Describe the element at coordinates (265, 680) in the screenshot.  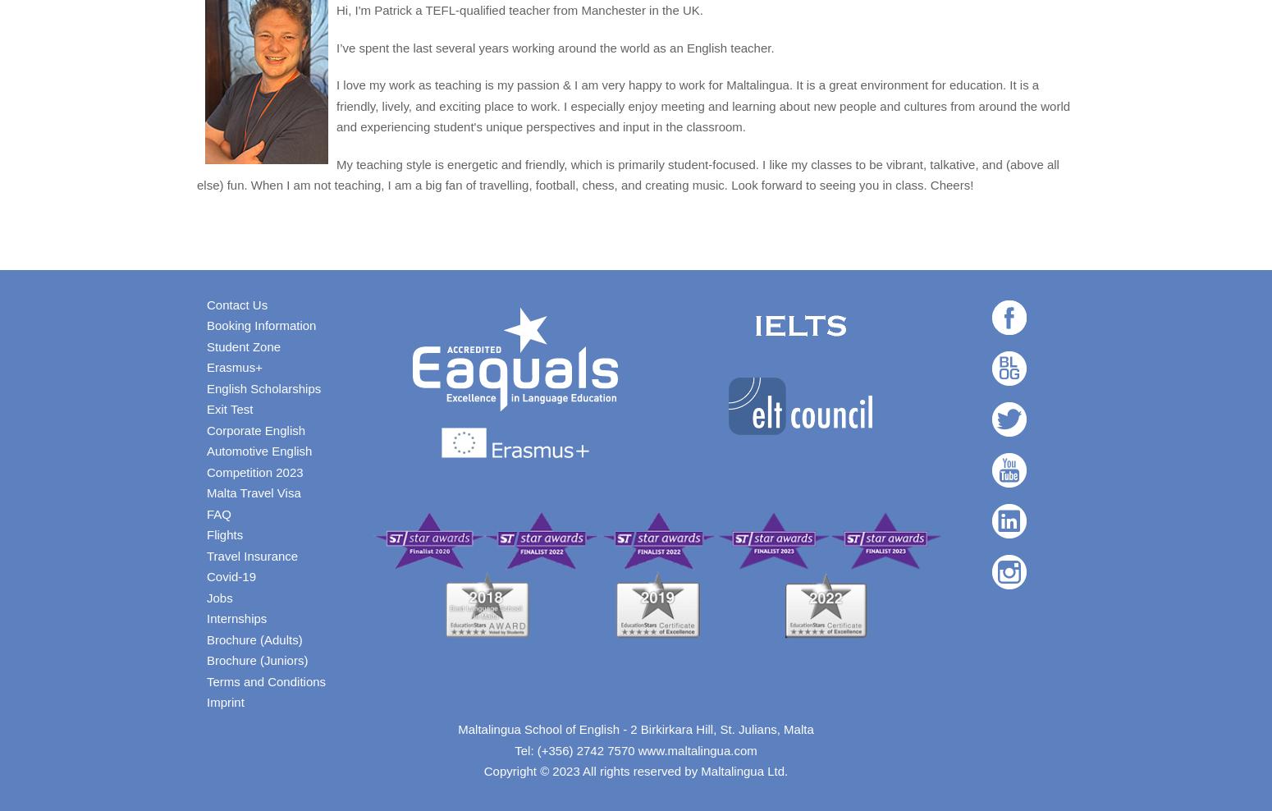
I see `'Terms and Conditions'` at that location.